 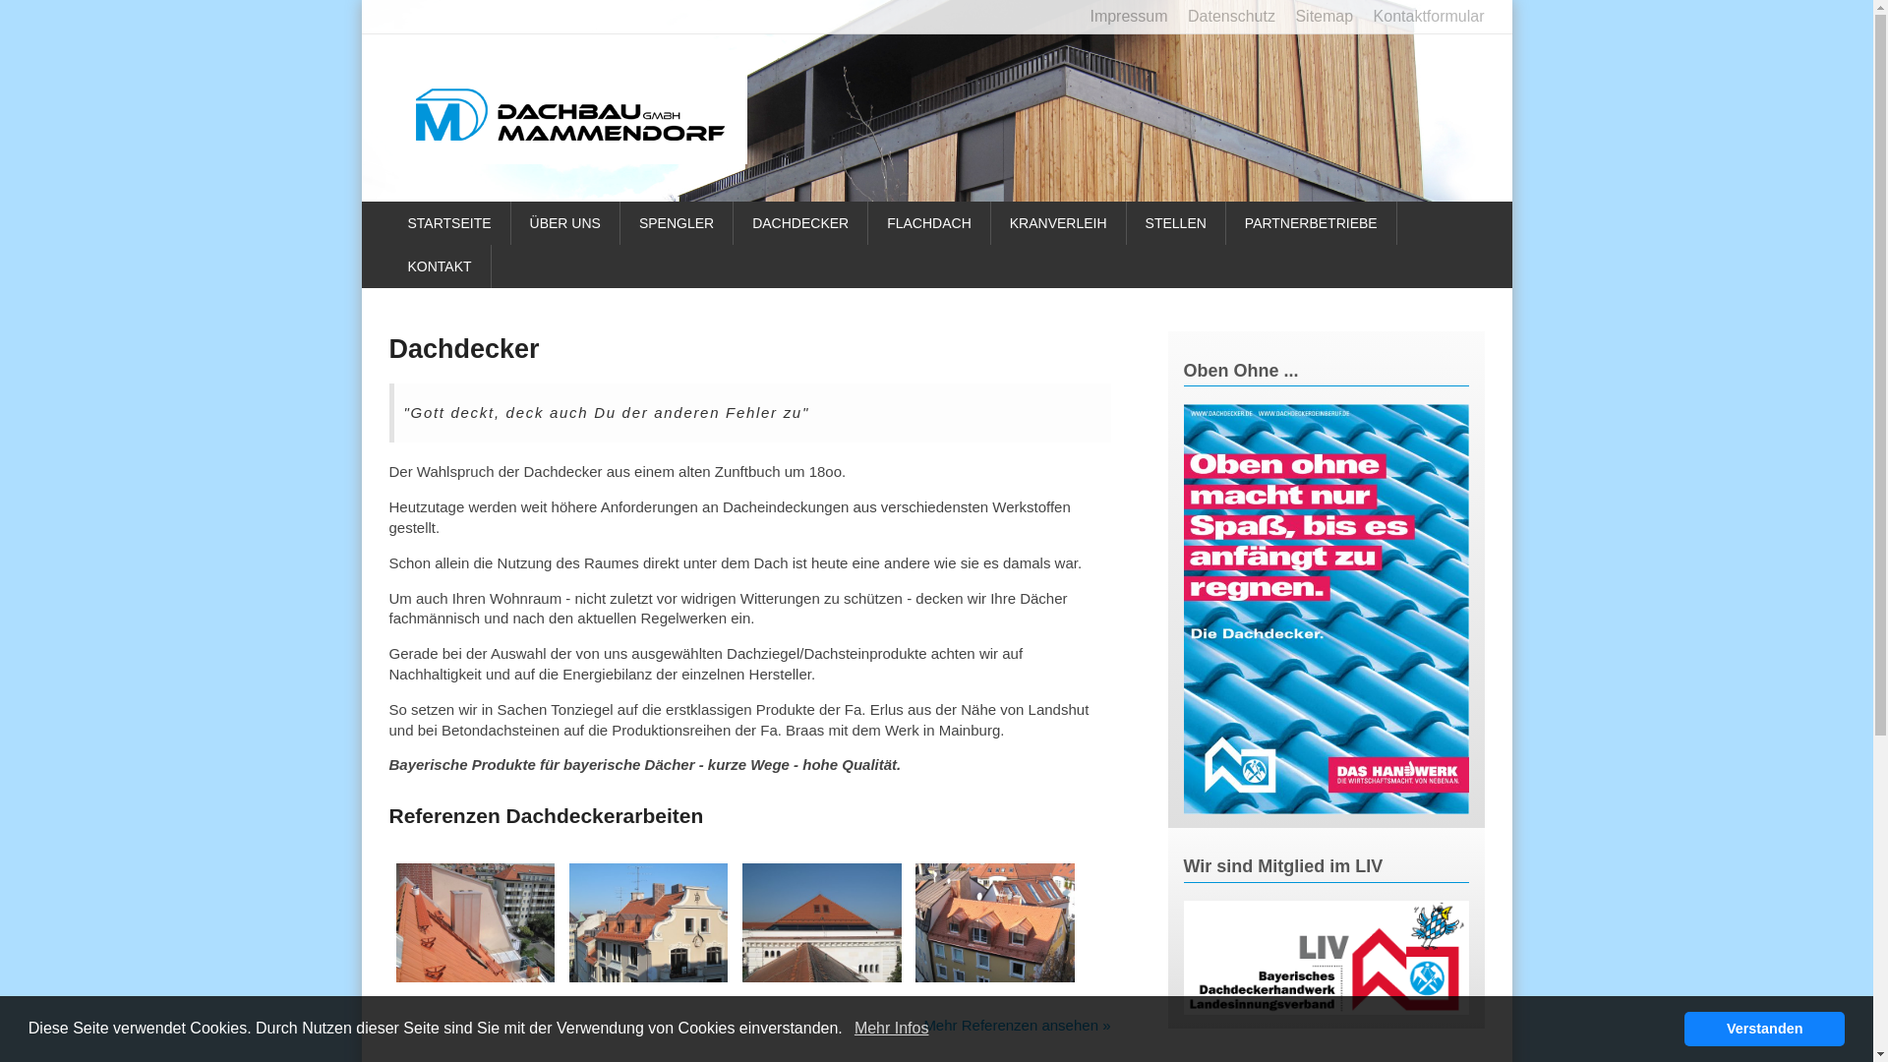 What do you see at coordinates (448, 222) in the screenshot?
I see `'STARTSEITE'` at bounding box center [448, 222].